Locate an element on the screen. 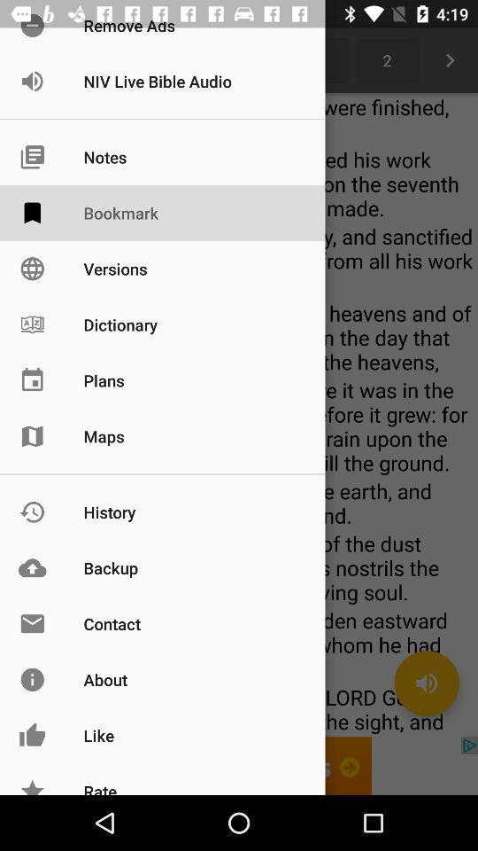 This screenshot has width=478, height=851. number 2 which is just beside the right arrow icon is located at coordinates (386, 60).